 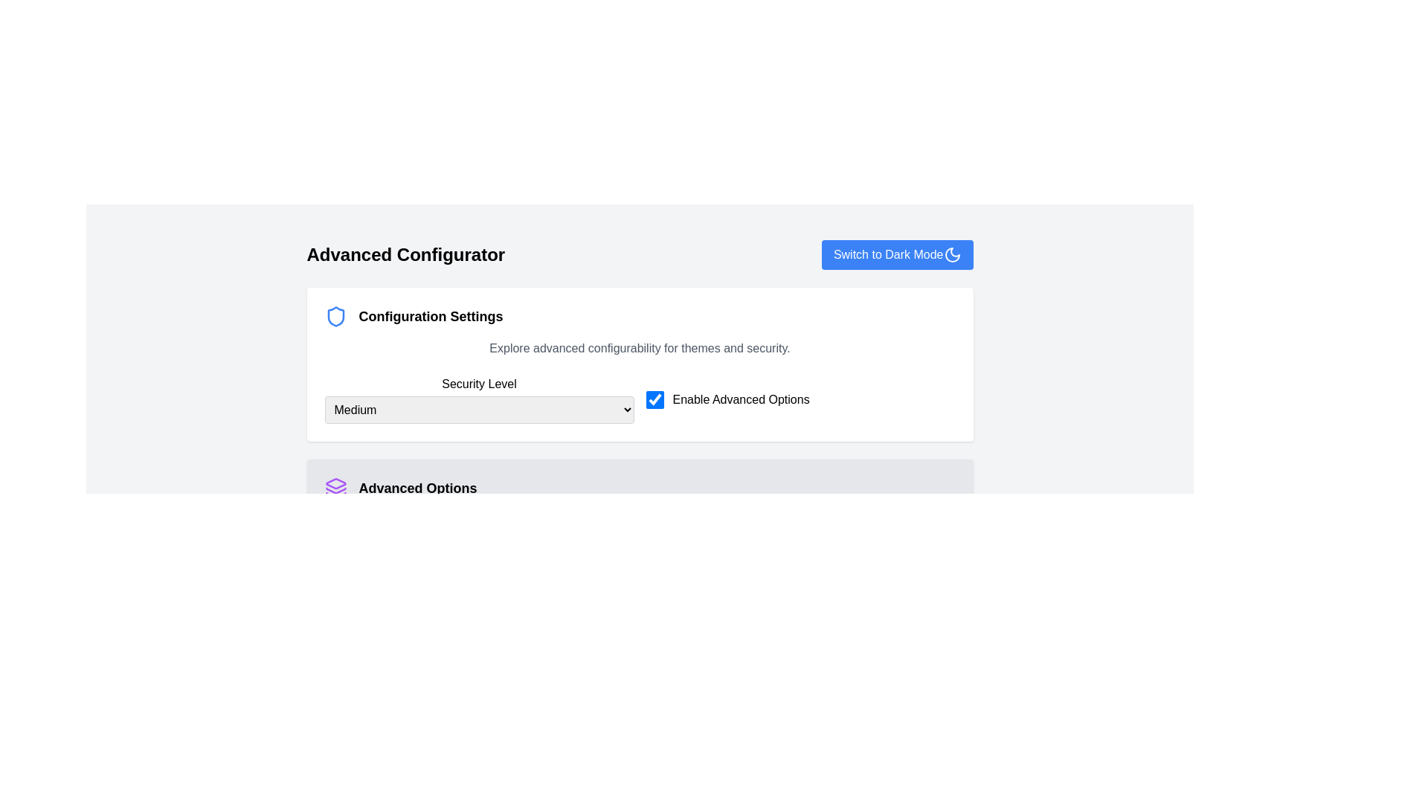 What do you see at coordinates (335, 315) in the screenshot?
I see `the blue shield icon located at the left of the 'Configuration Settings' section header, which features a clean and minimalist line art style, representing security or protection` at bounding box center [335, 315].